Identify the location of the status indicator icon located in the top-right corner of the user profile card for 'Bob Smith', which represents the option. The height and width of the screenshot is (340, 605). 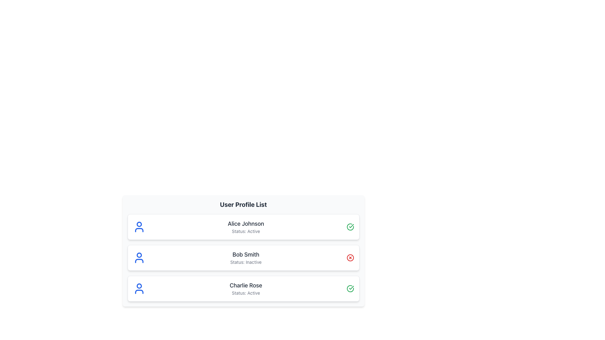
(350, 258).